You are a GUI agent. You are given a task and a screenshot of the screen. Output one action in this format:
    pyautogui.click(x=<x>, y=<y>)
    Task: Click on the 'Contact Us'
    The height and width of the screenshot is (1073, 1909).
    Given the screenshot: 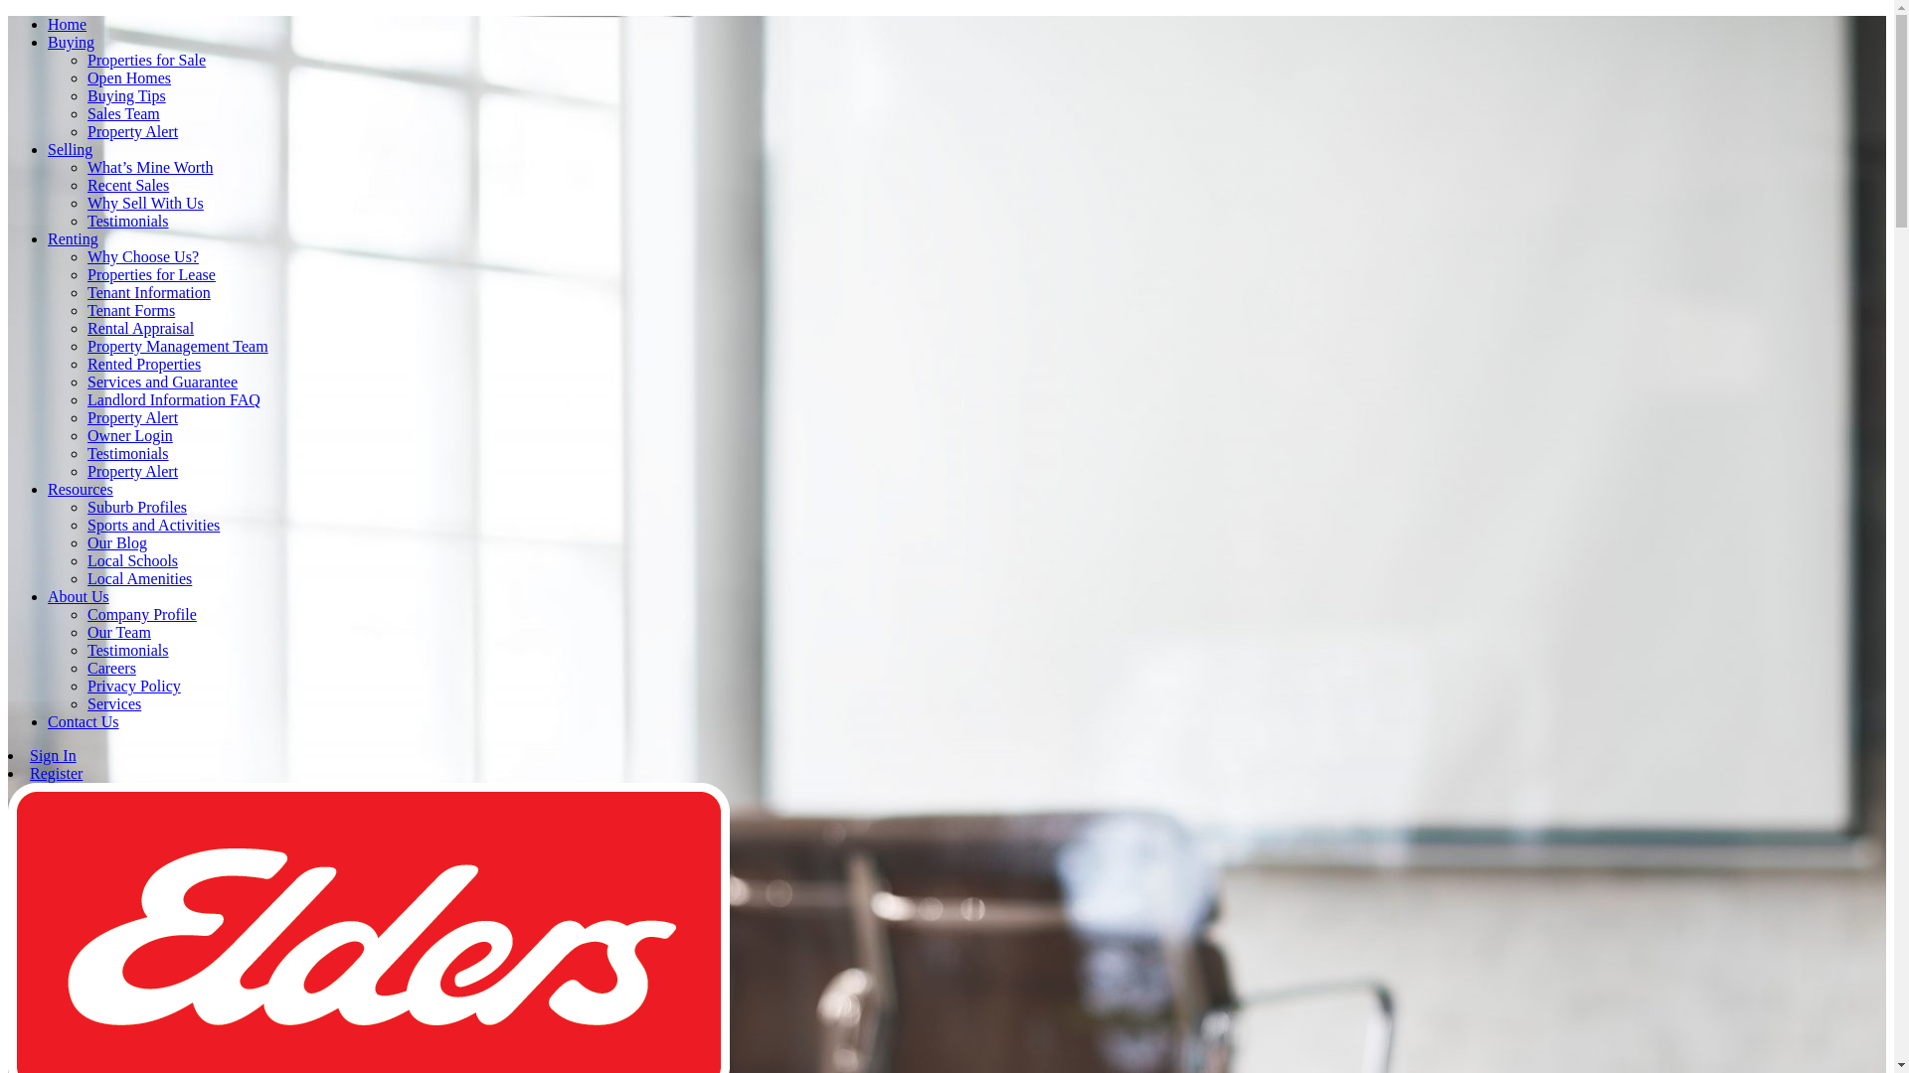 What is the action you would take?
    pyautogui.click(x=82, y=721)
    